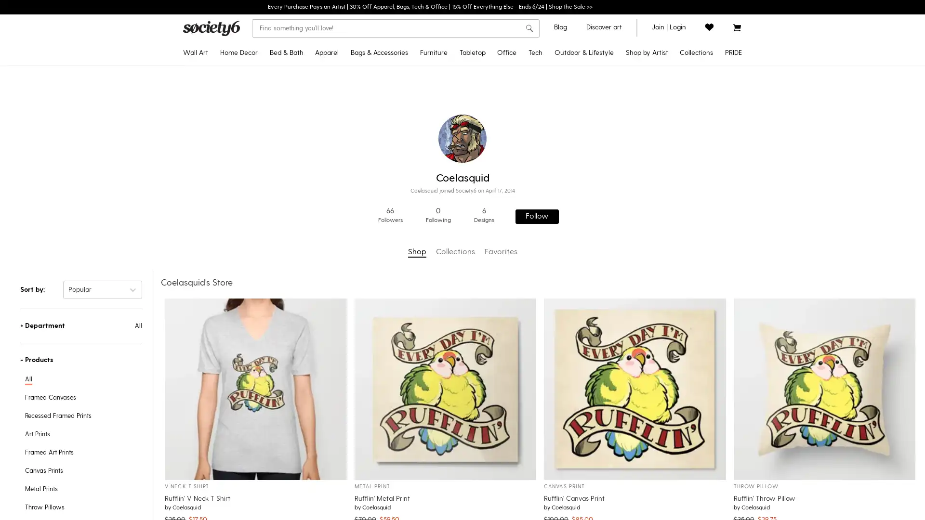 This screenshot has width=925, height=520. What do you see at coordinates (530, 201) in the screenshot?
I see `Stationery Cards` at bounding box center [530, 201].